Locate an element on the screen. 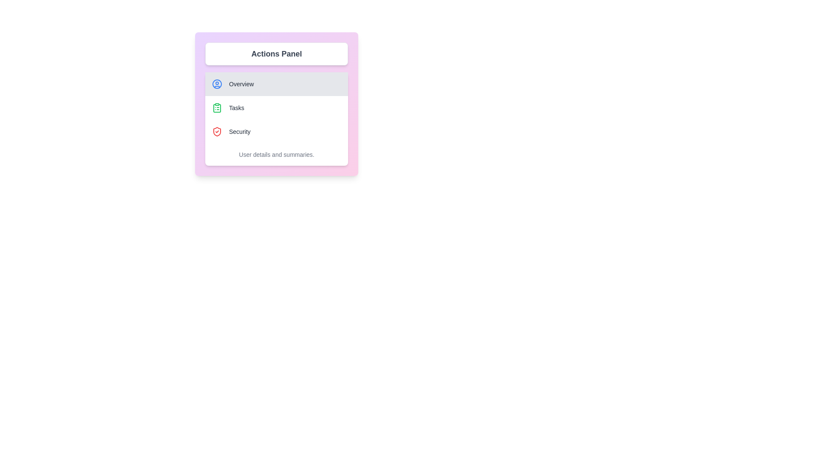 The width and height of the screenshot is (816, 459). the menu option Security is located at coordinates (277, 131).